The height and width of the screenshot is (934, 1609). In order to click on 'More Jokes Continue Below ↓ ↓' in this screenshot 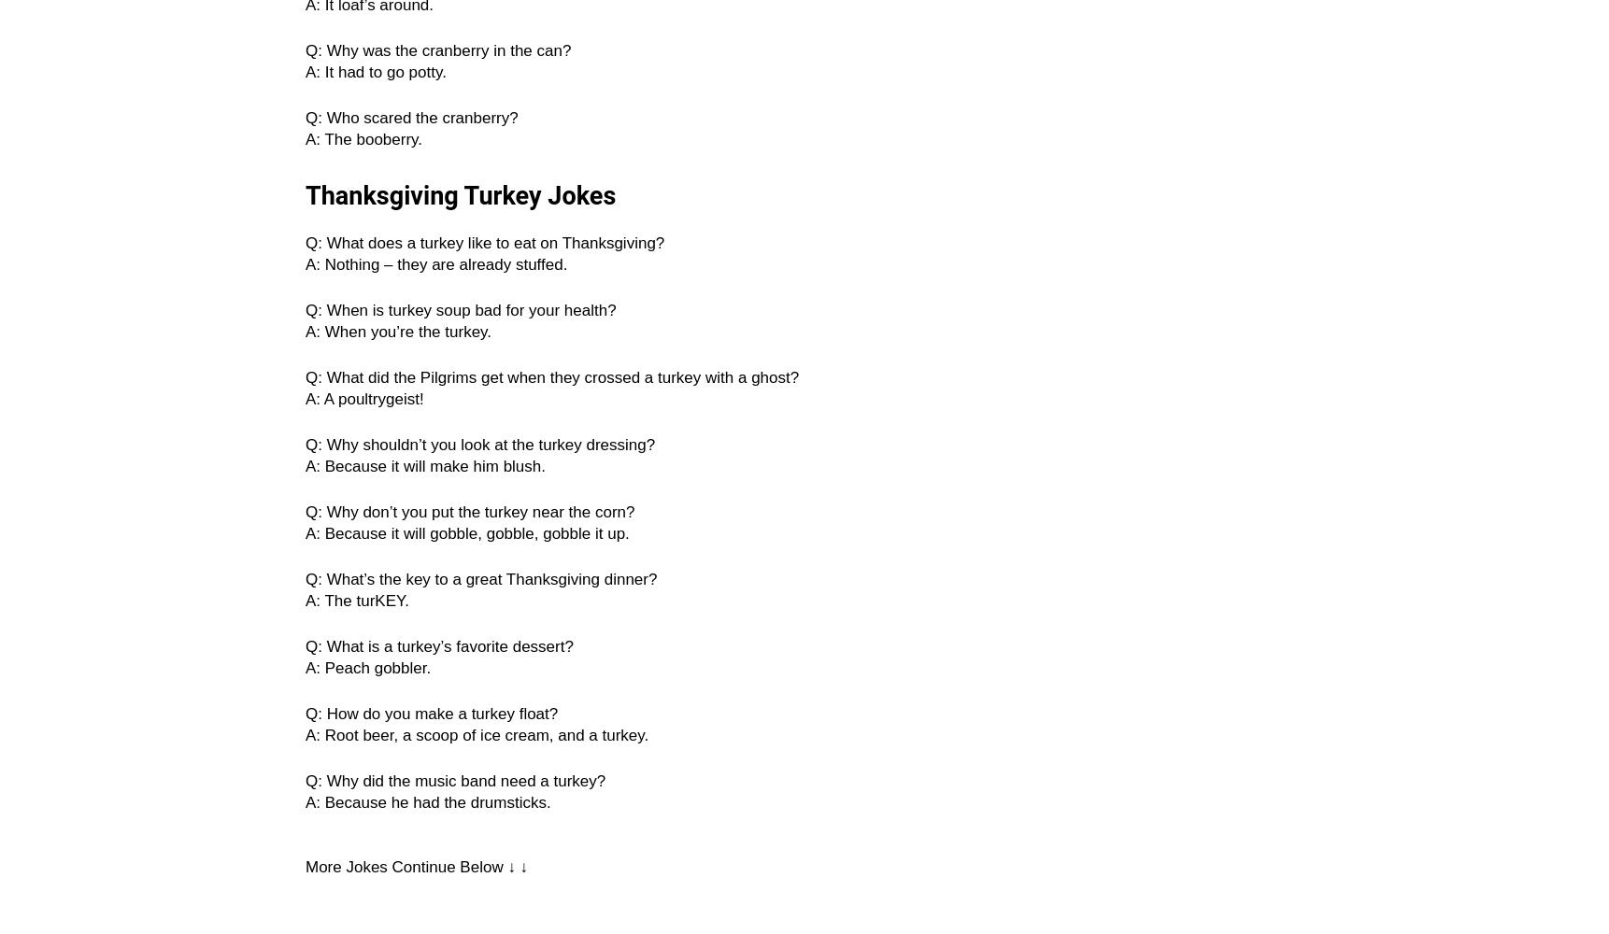, I will do `click(415, 867)`.